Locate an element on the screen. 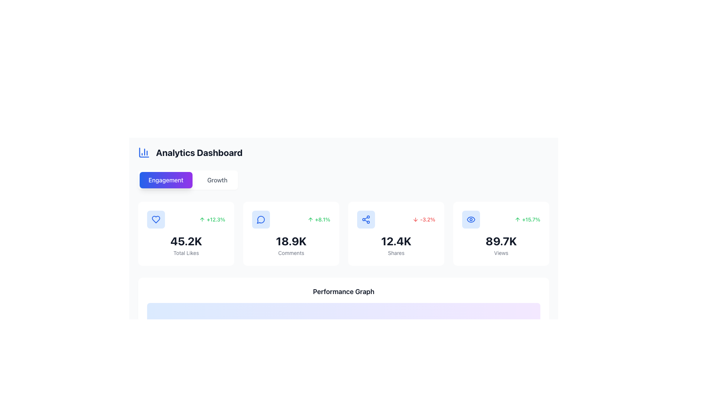 Image resolution: width=715 pixels, height=402 pixels. displayed value '12.4K' from the central text display located in the 'Shares' card, which is prominently visible in a large, bold font within a white card-like section is located at coordinates (396, 241).